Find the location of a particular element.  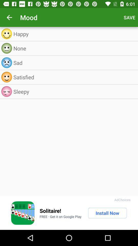

the item next to the free get it is located at coordinates (107, 213).